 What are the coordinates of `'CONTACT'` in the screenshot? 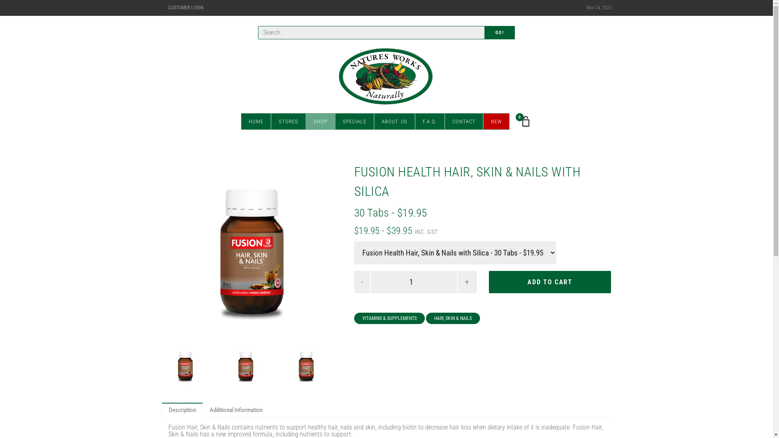 It's located at (464, 121).